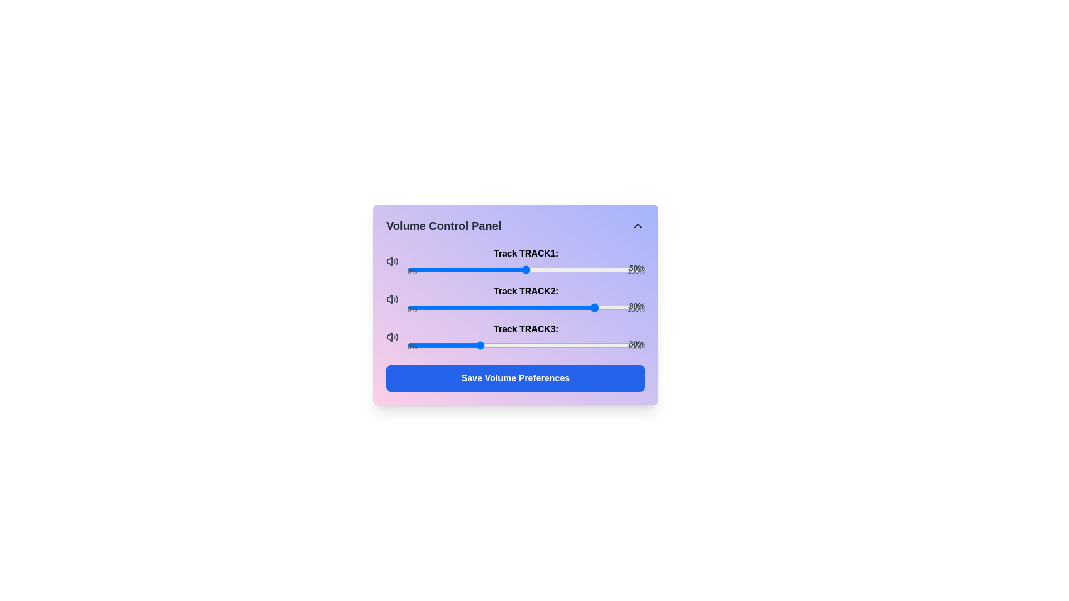  I want to click on the slider value, so click(628, 345).